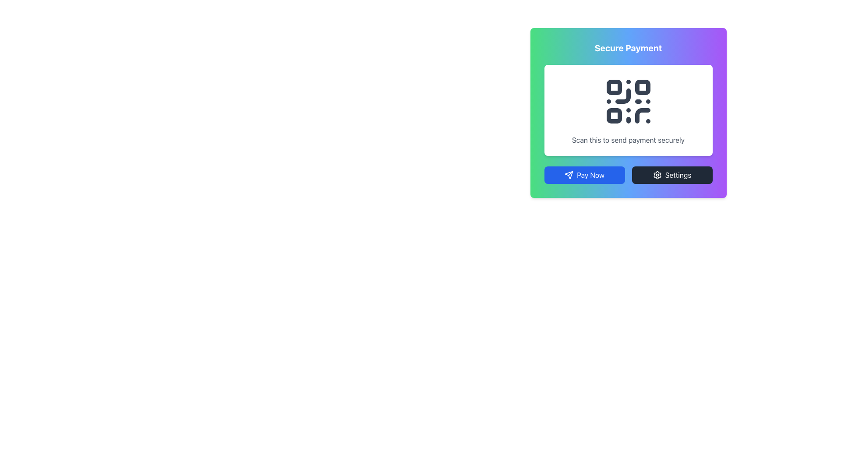 This screenshot has height=473, width=841. Describe the element at coordinates (628, 140) in the screenshot. I see `the text label that provides a description for the QR code used for secure payments, located directly below the QR code graphic` at that location.